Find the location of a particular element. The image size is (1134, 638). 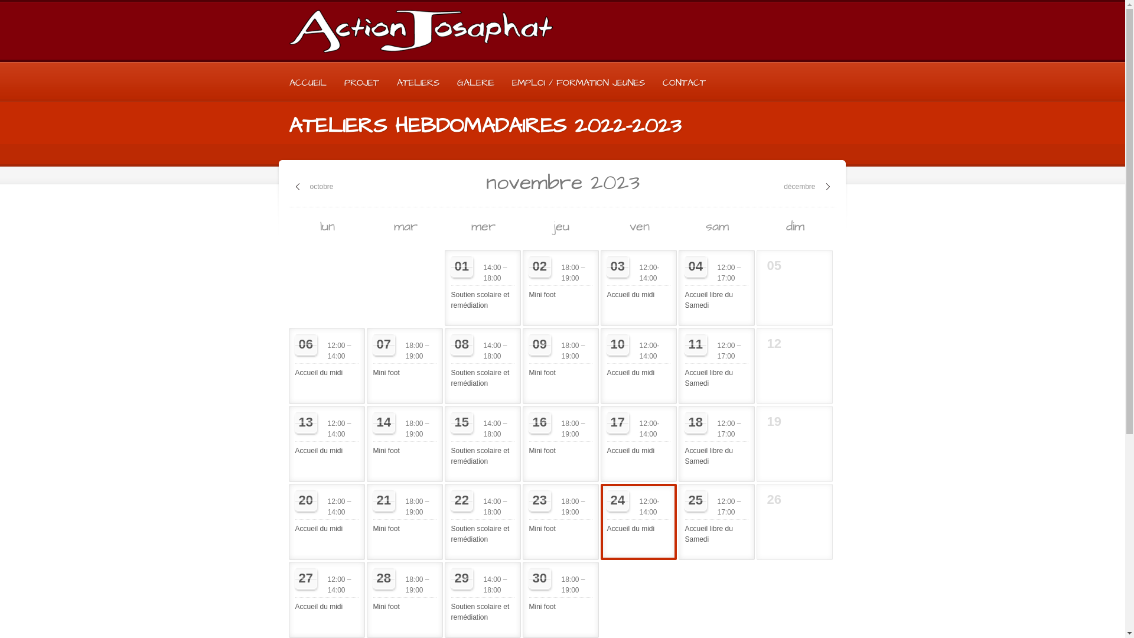

'12:00-14:00 is located at coordinates (638, 354).